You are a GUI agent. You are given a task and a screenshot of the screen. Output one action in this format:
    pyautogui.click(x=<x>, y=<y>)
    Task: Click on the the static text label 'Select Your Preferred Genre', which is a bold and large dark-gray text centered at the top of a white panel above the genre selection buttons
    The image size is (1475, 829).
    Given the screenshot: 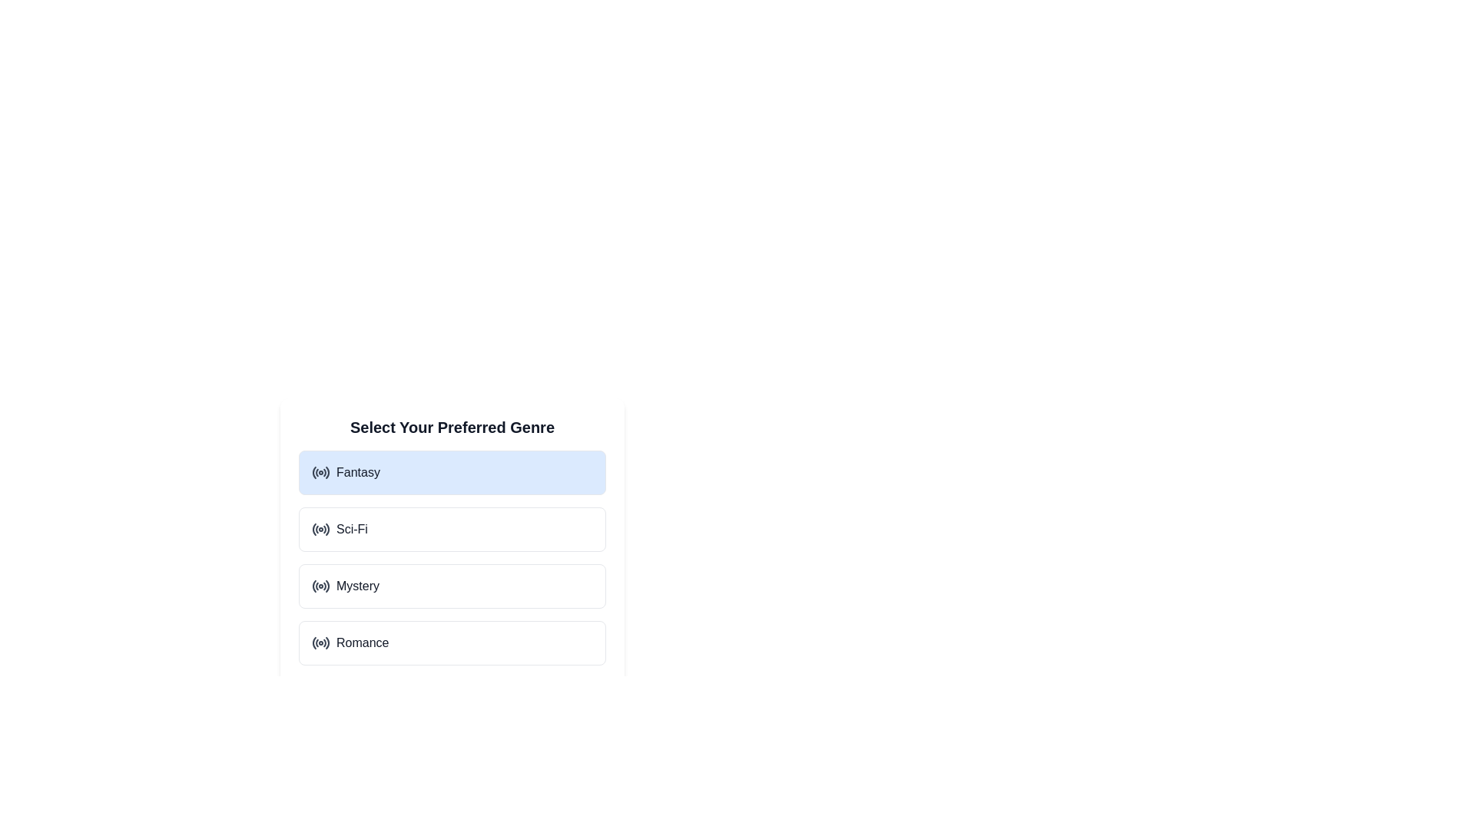 What is the action you would take?
    pyautogui.click(x=452, y=427)
    